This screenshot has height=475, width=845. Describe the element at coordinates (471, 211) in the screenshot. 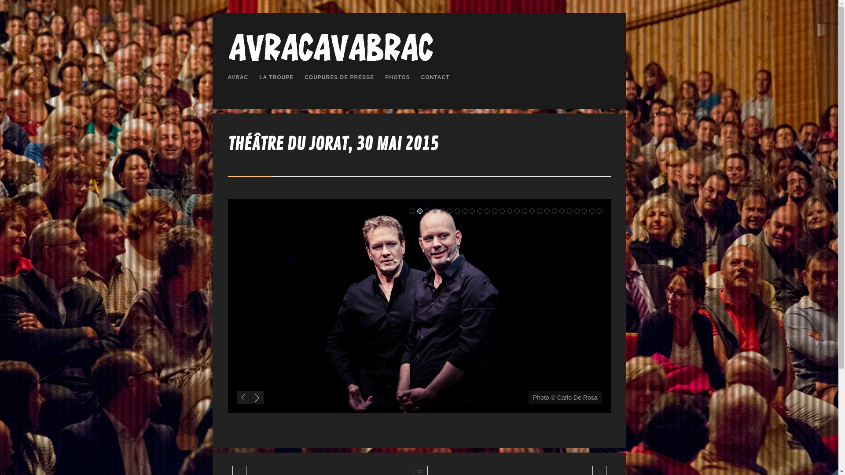

I see `'9'` at that location.